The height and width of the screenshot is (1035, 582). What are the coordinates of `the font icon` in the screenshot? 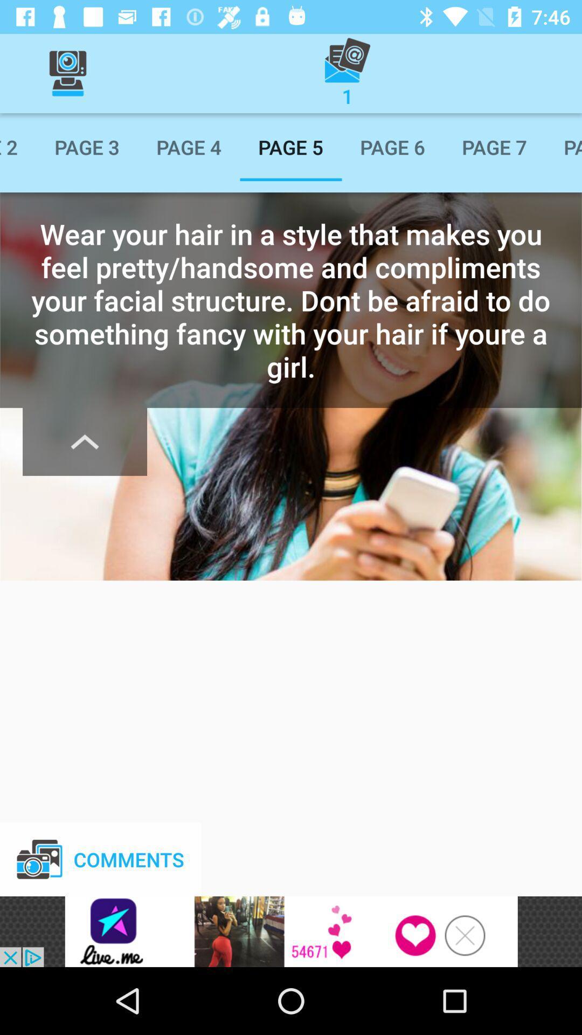 It's located at (84, 441).